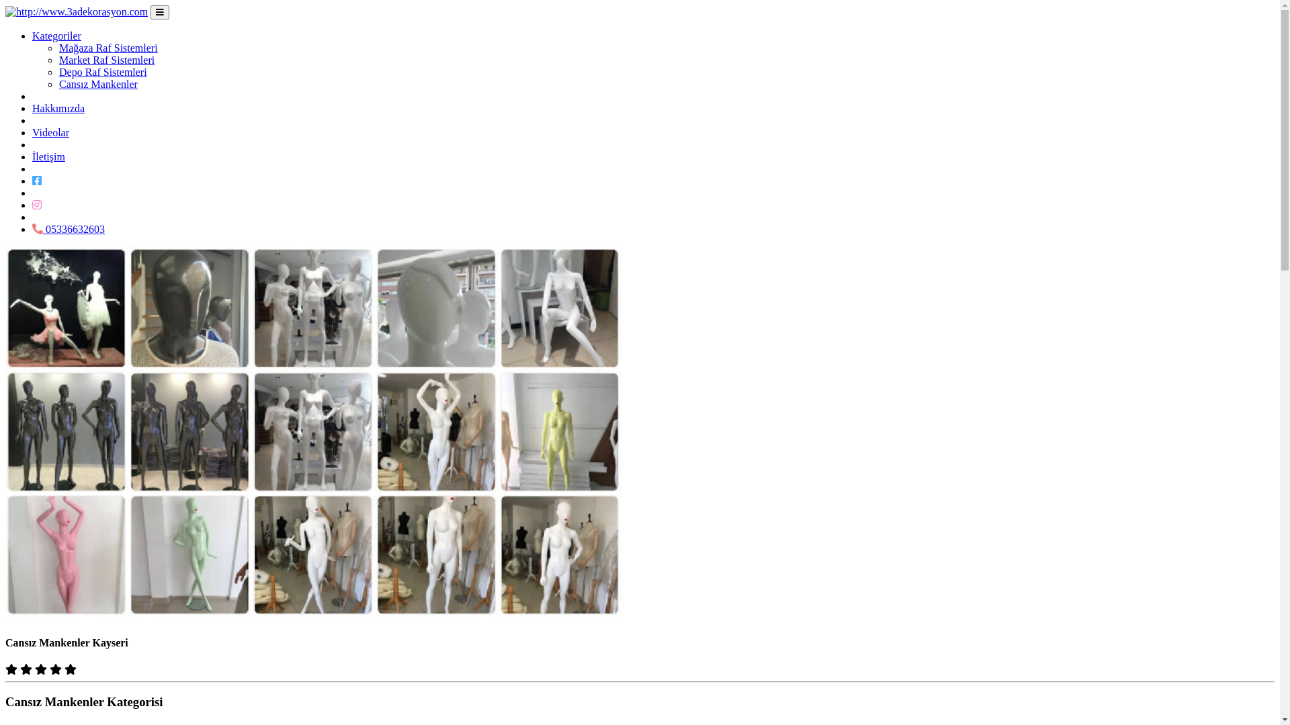  I want to click on 'Kategoriler', so click(56, 35).